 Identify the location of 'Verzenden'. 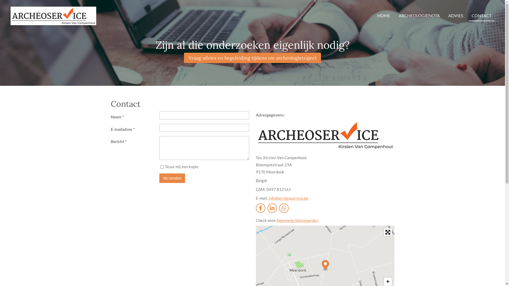
(172, 178).